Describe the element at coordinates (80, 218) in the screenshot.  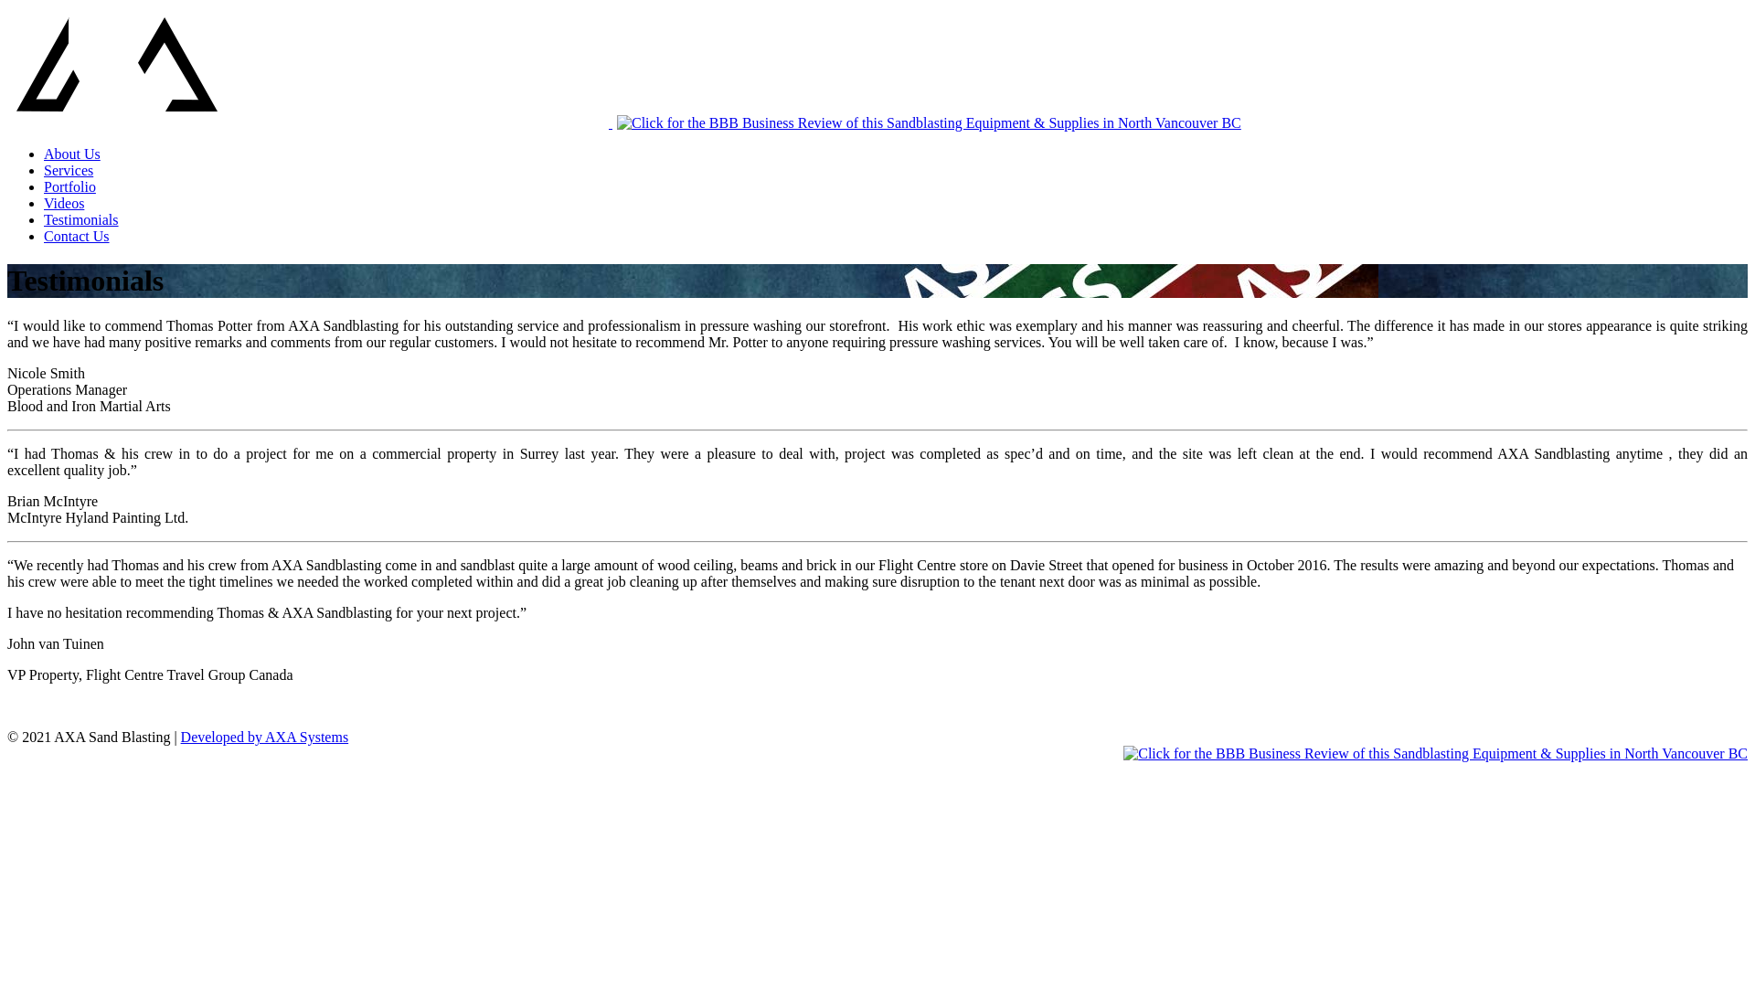
I see `'Testimonials'` at that location.